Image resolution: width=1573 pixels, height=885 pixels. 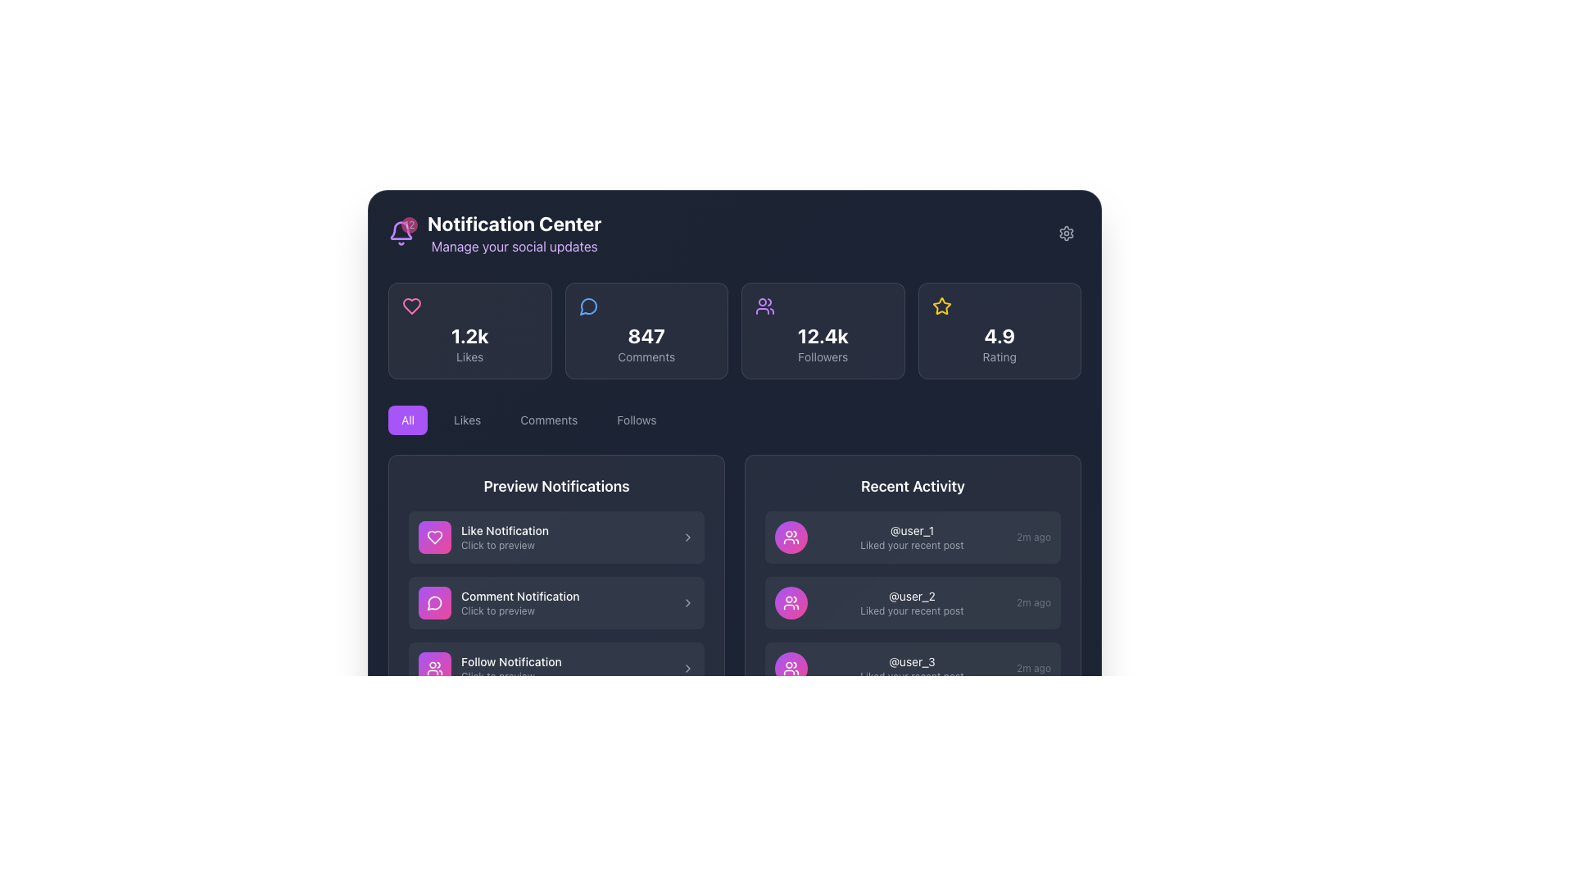 What do you see at coordinates (469, 331) in the screenshot?
I see `the likes information display block located at the top-left of the grid` at bounding box center [469, 331].